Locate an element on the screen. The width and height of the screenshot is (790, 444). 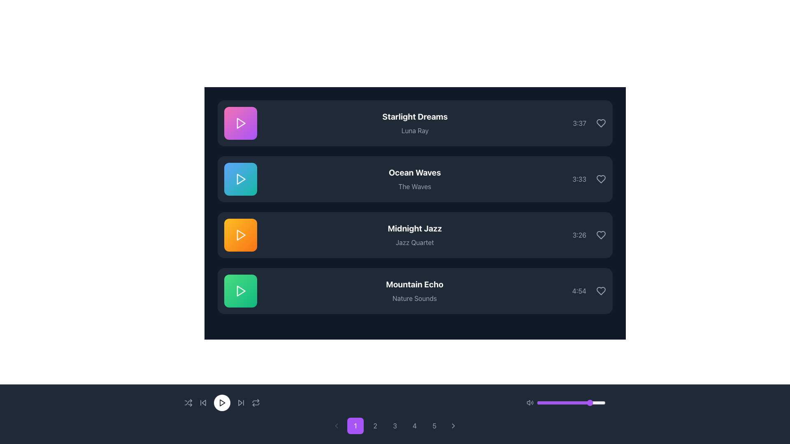
the text label 'Mountain Echo' which is styled in a bold, large font and centered within a dark blue background, located in the fourth row of a playlist-style interface is located at coordinates (414, 284).